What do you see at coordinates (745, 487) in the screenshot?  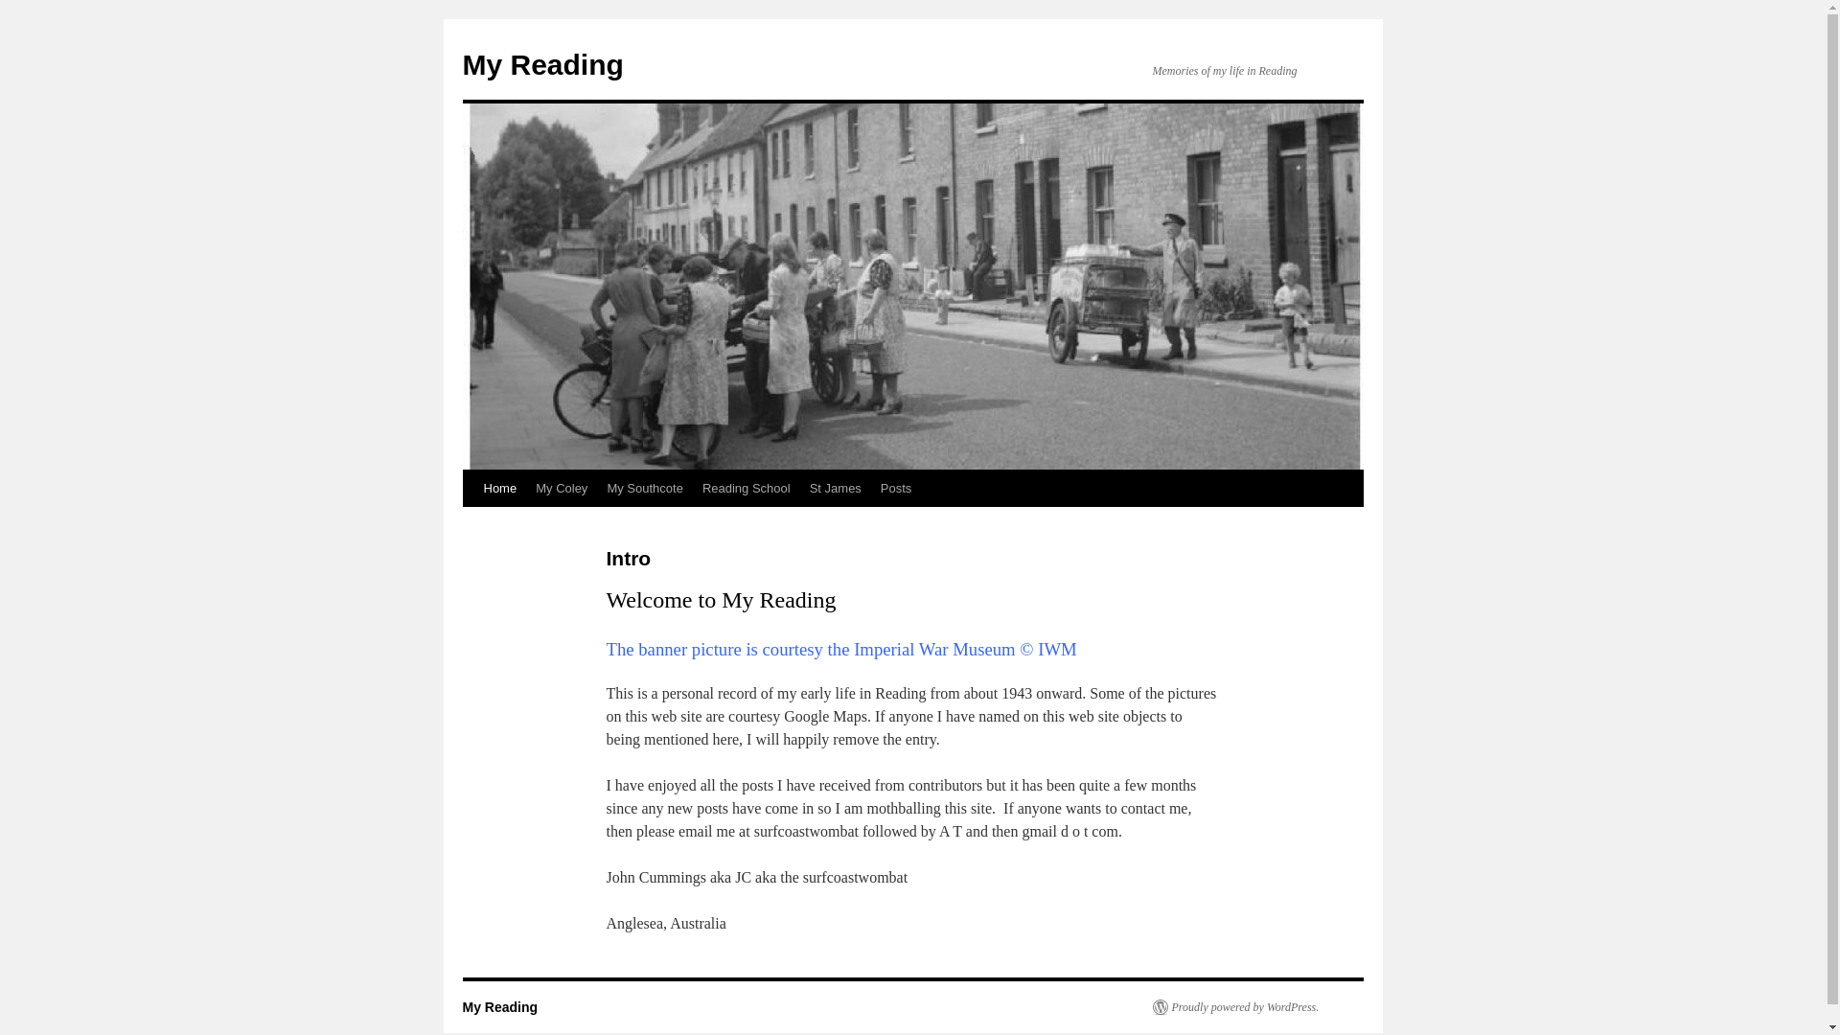 I see `'Reading School'` at bounding box center [745, 487].